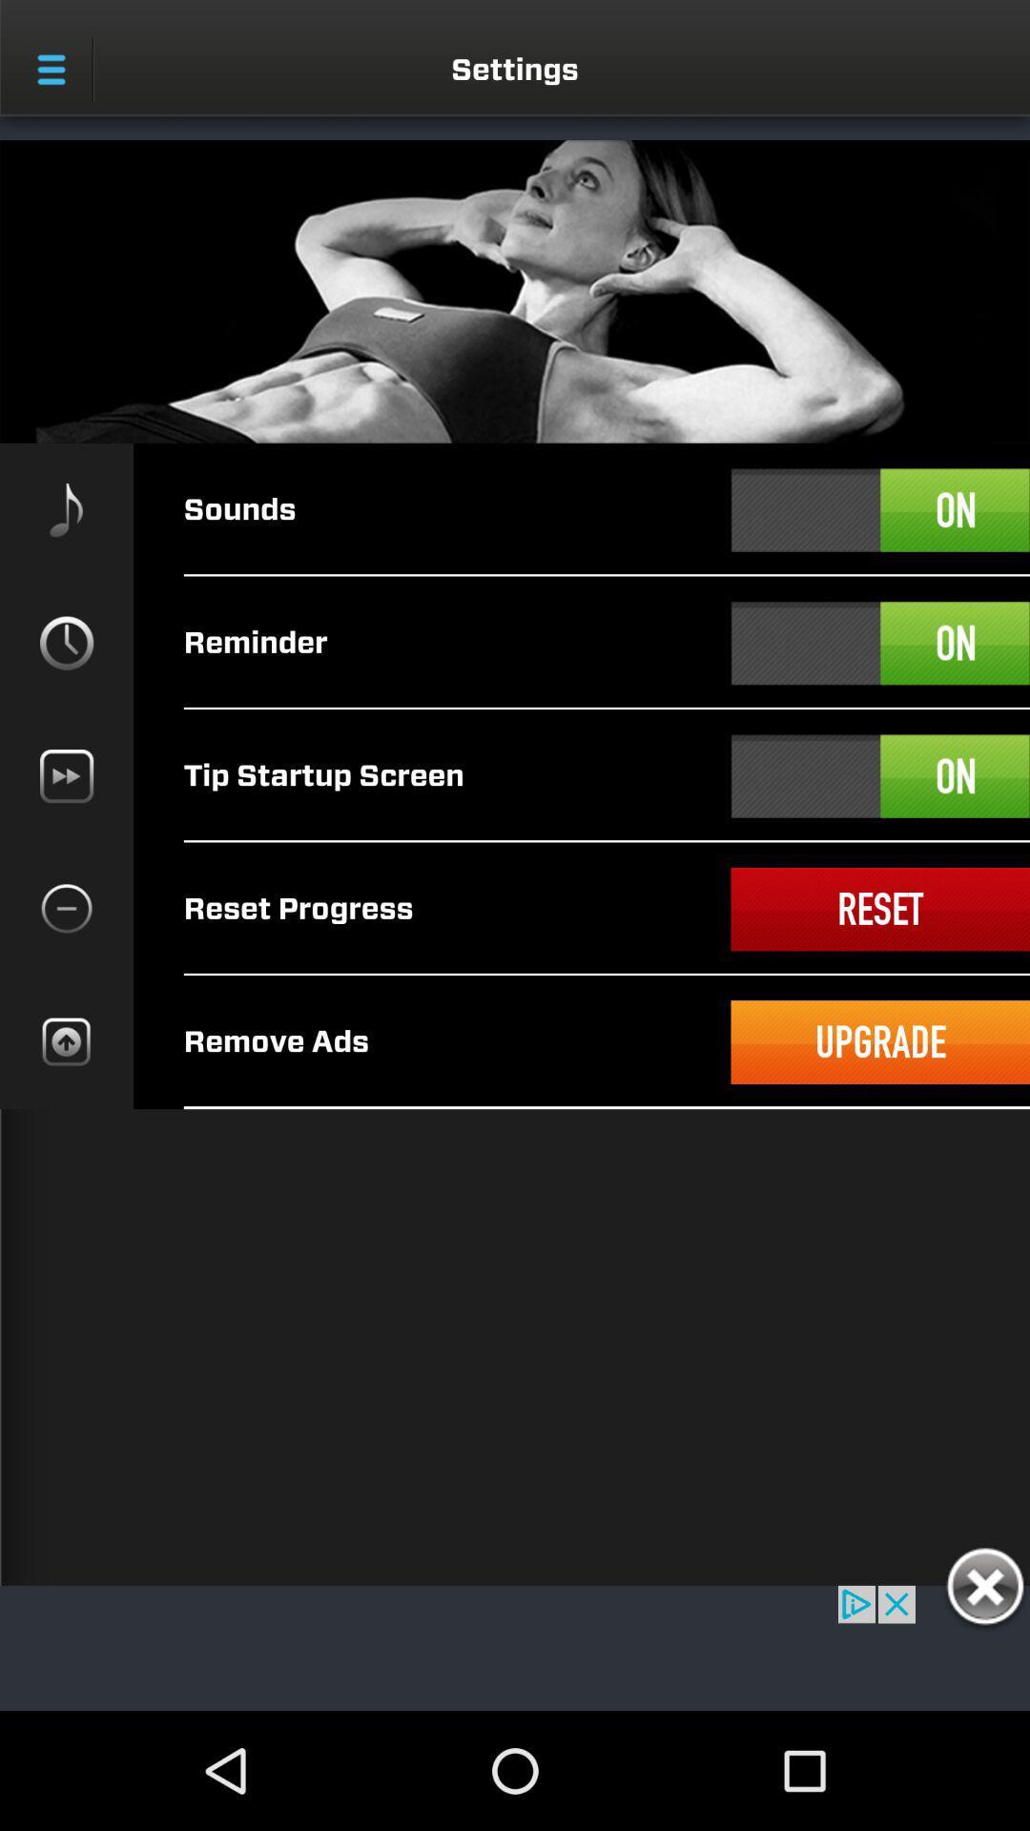  I want to click on a select option, so click(880, 510).